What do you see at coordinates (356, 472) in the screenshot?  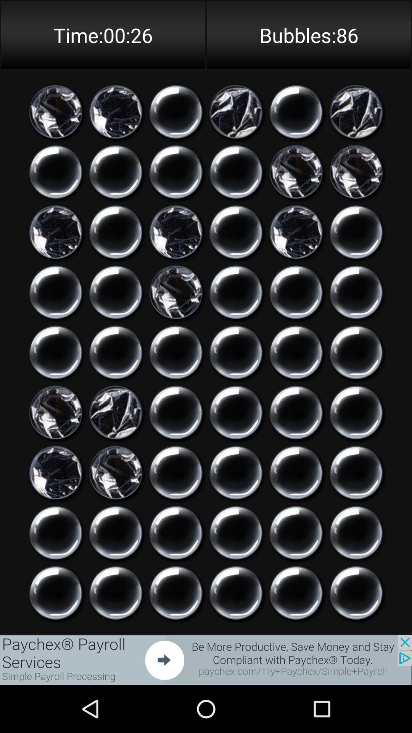 I see `pop this bubble` at bounding box center [356, 472].